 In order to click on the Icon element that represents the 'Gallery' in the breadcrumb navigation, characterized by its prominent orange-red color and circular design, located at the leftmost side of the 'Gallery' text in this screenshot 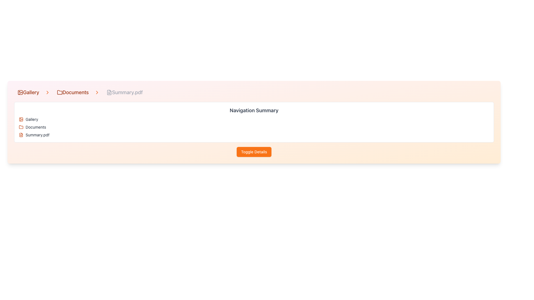, I will do `click(20, 92)`.